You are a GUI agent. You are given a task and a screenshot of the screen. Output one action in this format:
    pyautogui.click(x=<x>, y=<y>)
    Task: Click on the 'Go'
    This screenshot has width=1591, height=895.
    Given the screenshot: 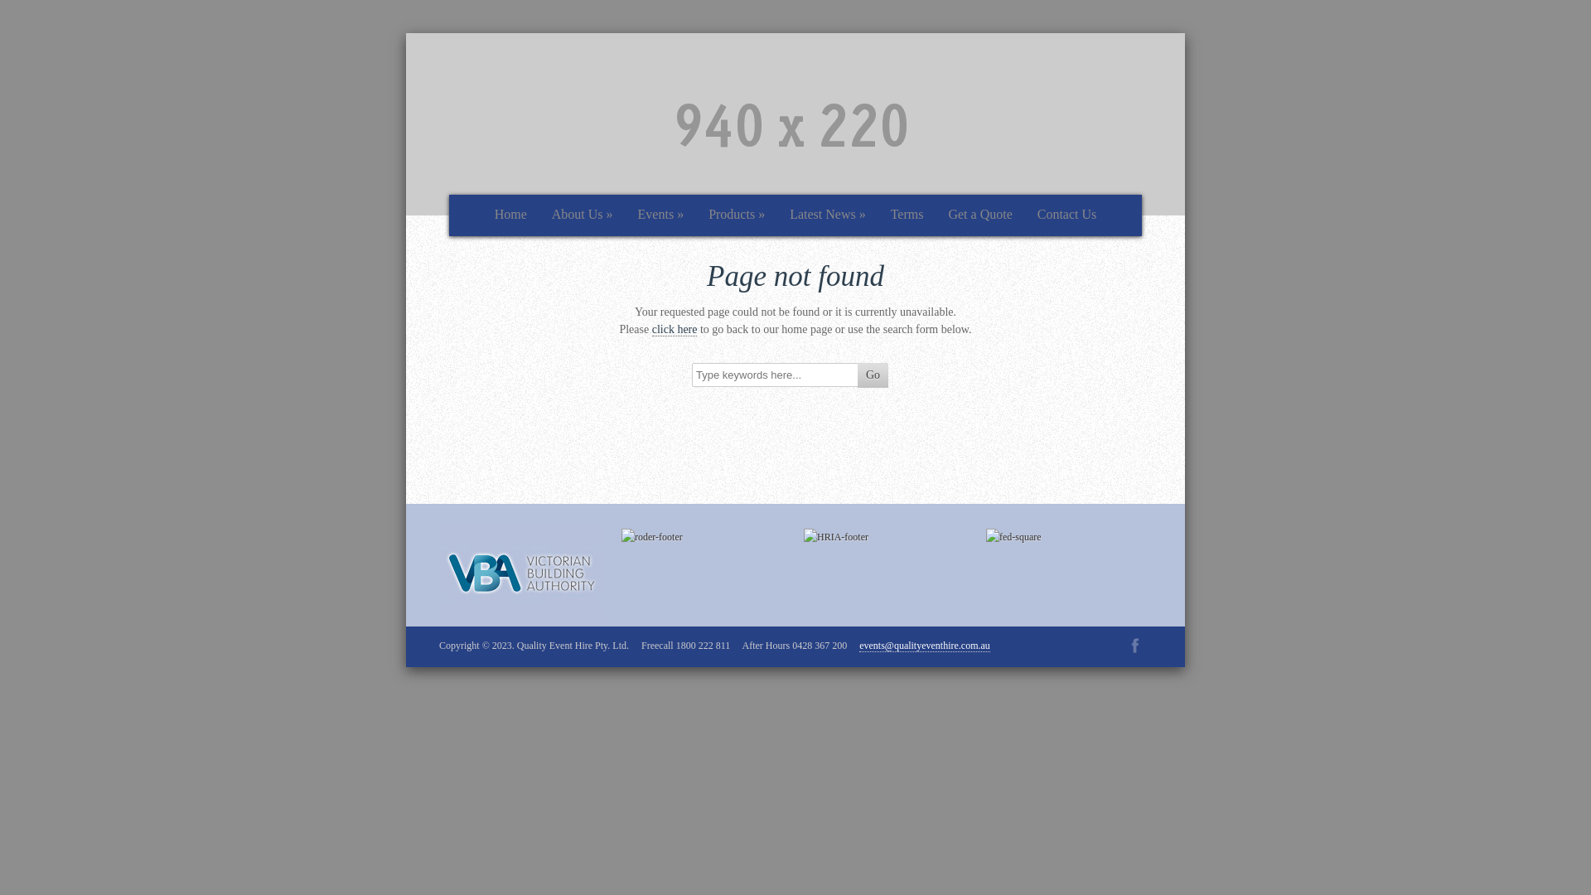 What is the action you would take?
    pyautogui.click(x=872, y=375)
    